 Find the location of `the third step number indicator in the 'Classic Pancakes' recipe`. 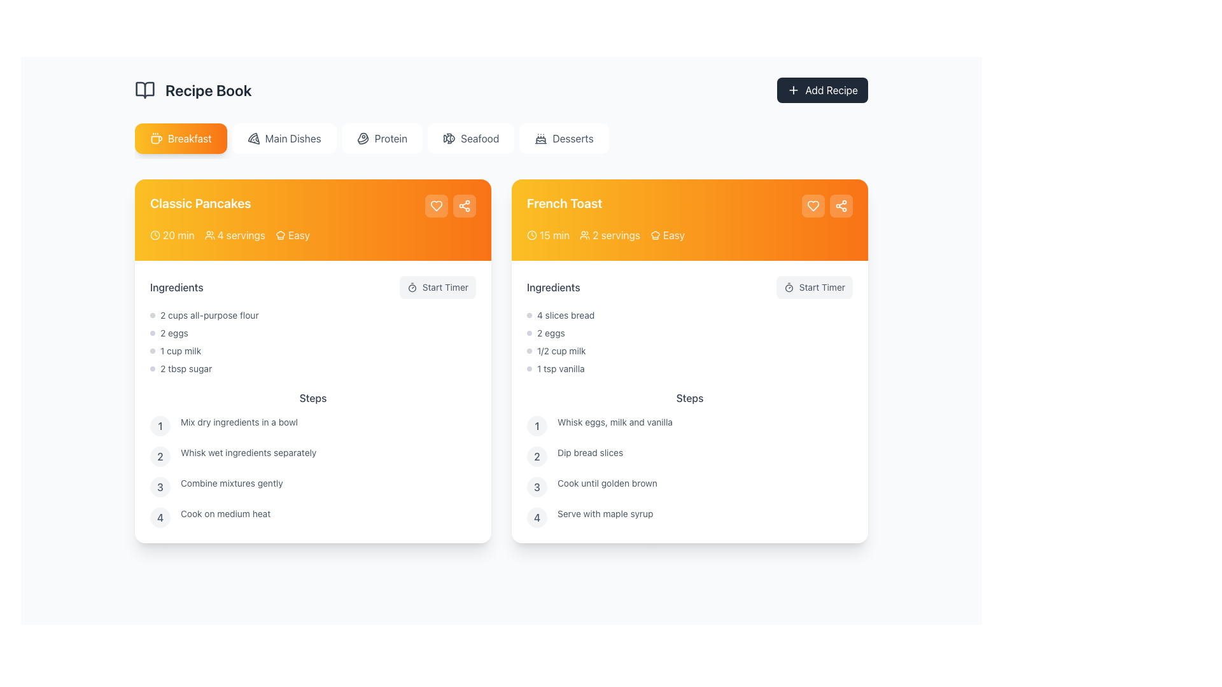

the third step number indicator in the 'Classic Pancakes' recipe is located at coordinates (159, 487).